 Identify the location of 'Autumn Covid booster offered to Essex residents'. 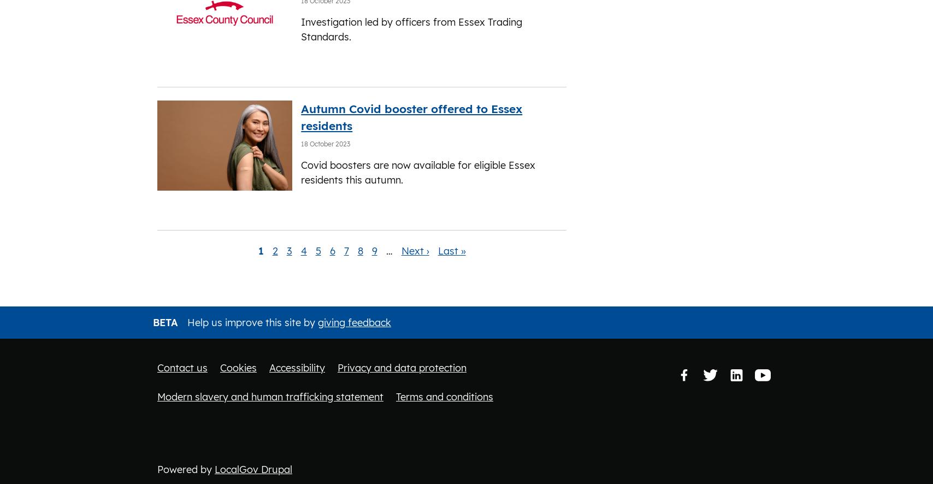
(301, 116).